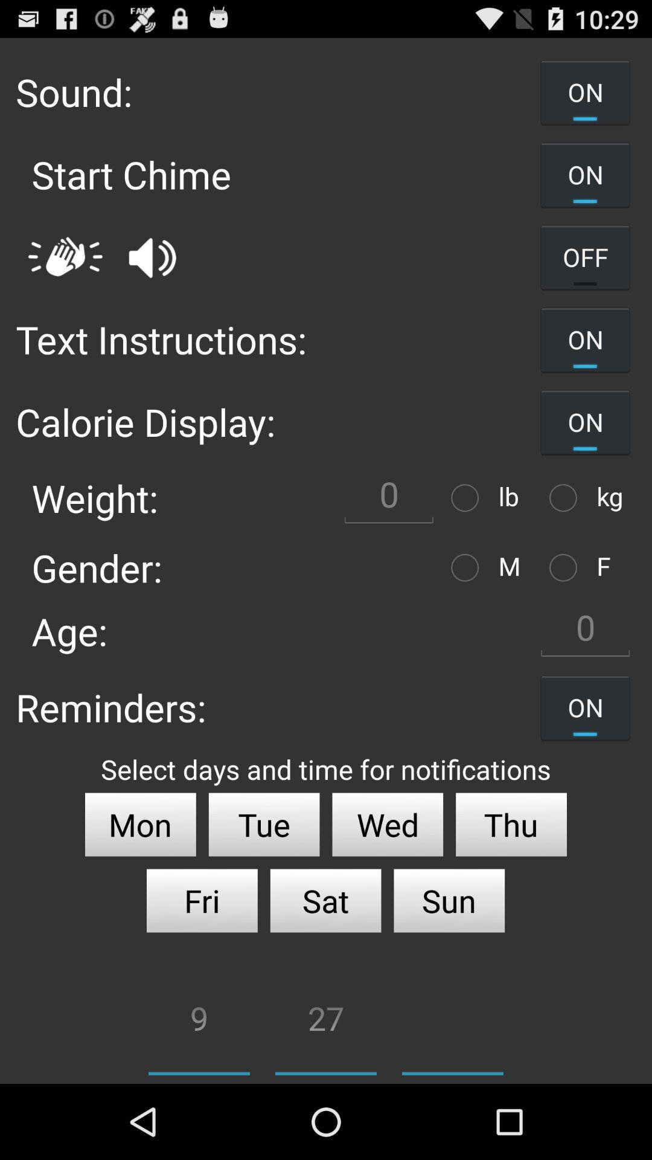 Image resolution: width=652 pixels, height=1160 pixels. I want to click on lb, so click(467, 498).